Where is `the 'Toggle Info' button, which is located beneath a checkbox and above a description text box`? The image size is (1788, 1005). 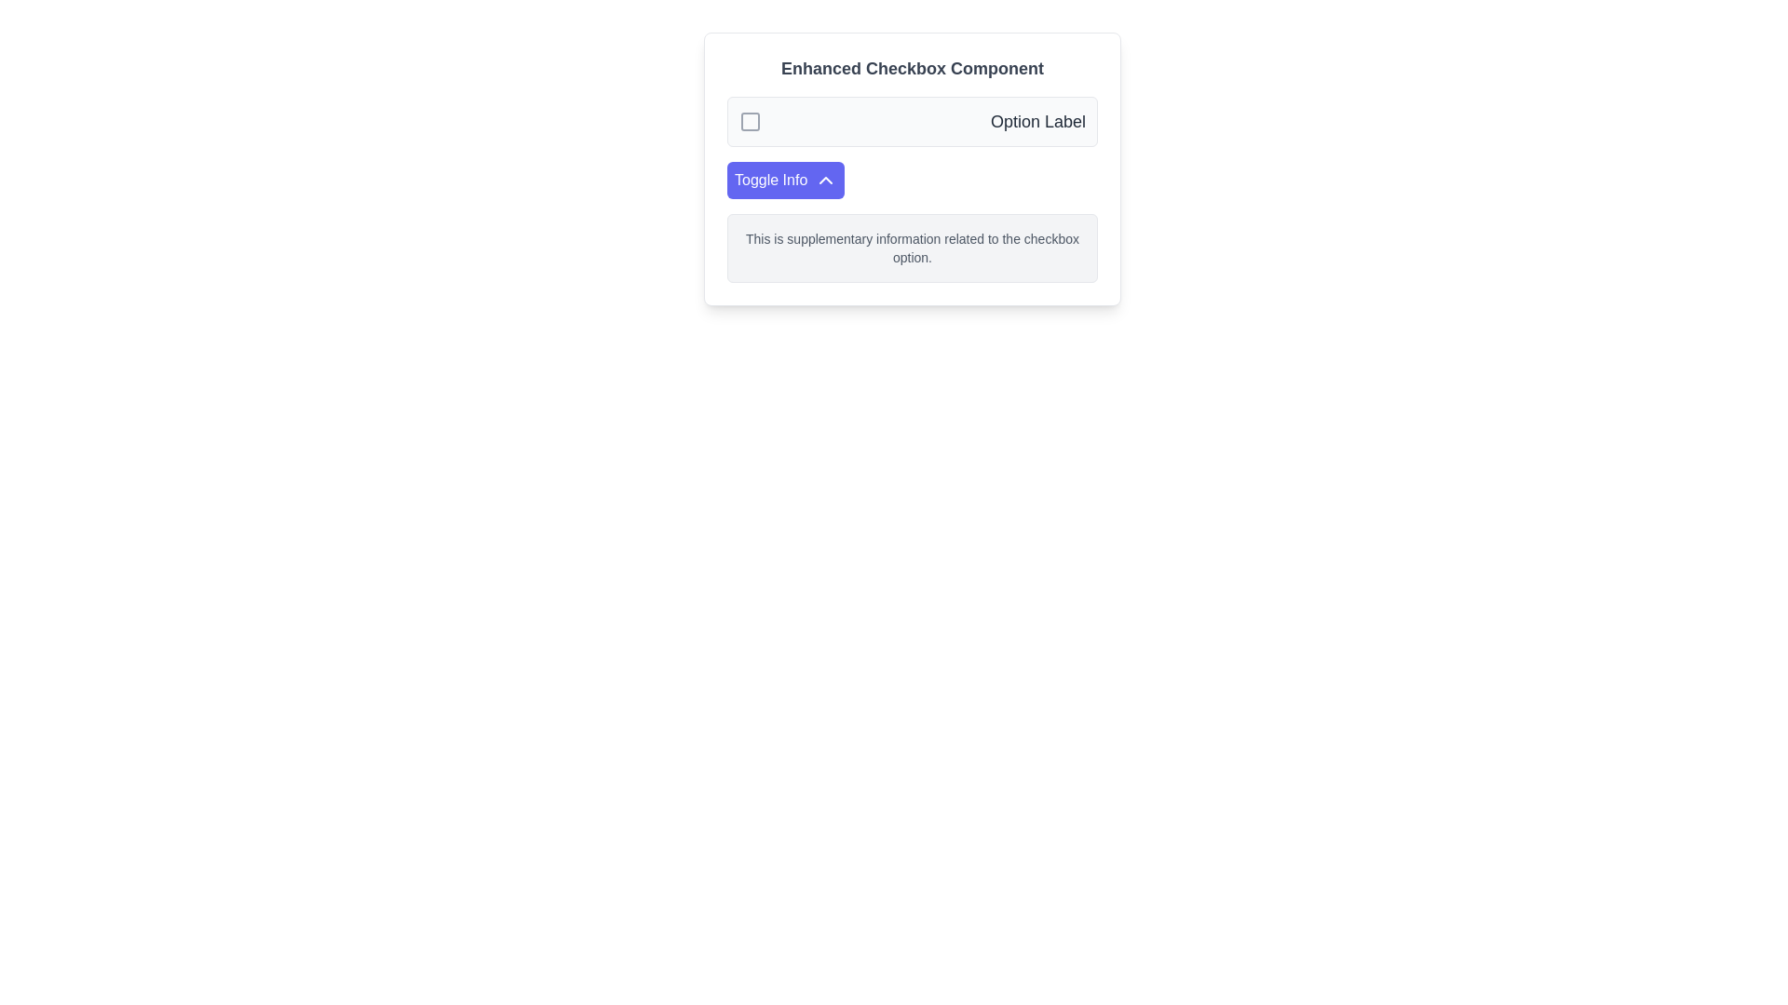
the 'Toggle Info' button, which is located beneath a checkbox and above a description text box is located at coordinates (825, 180).